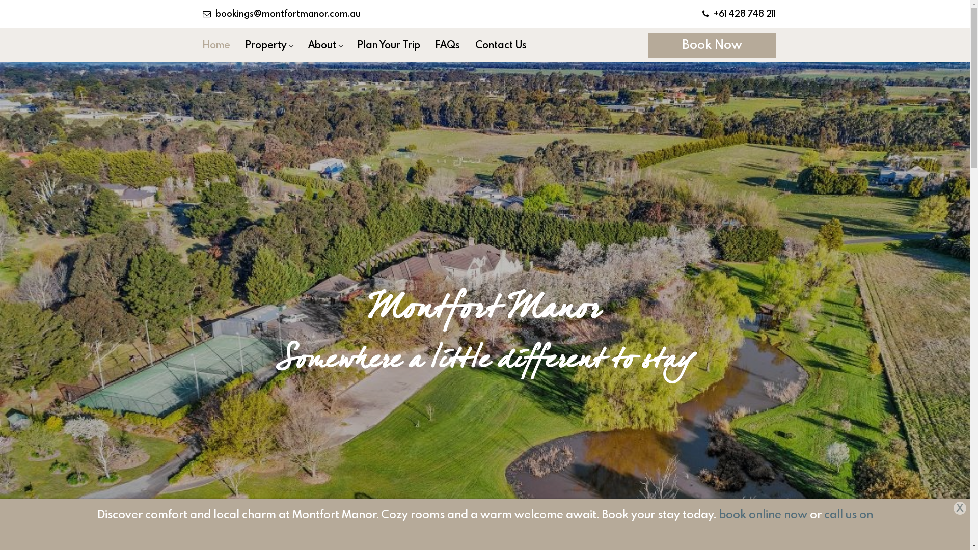  I want to click on 'Property', so click(236, 44).